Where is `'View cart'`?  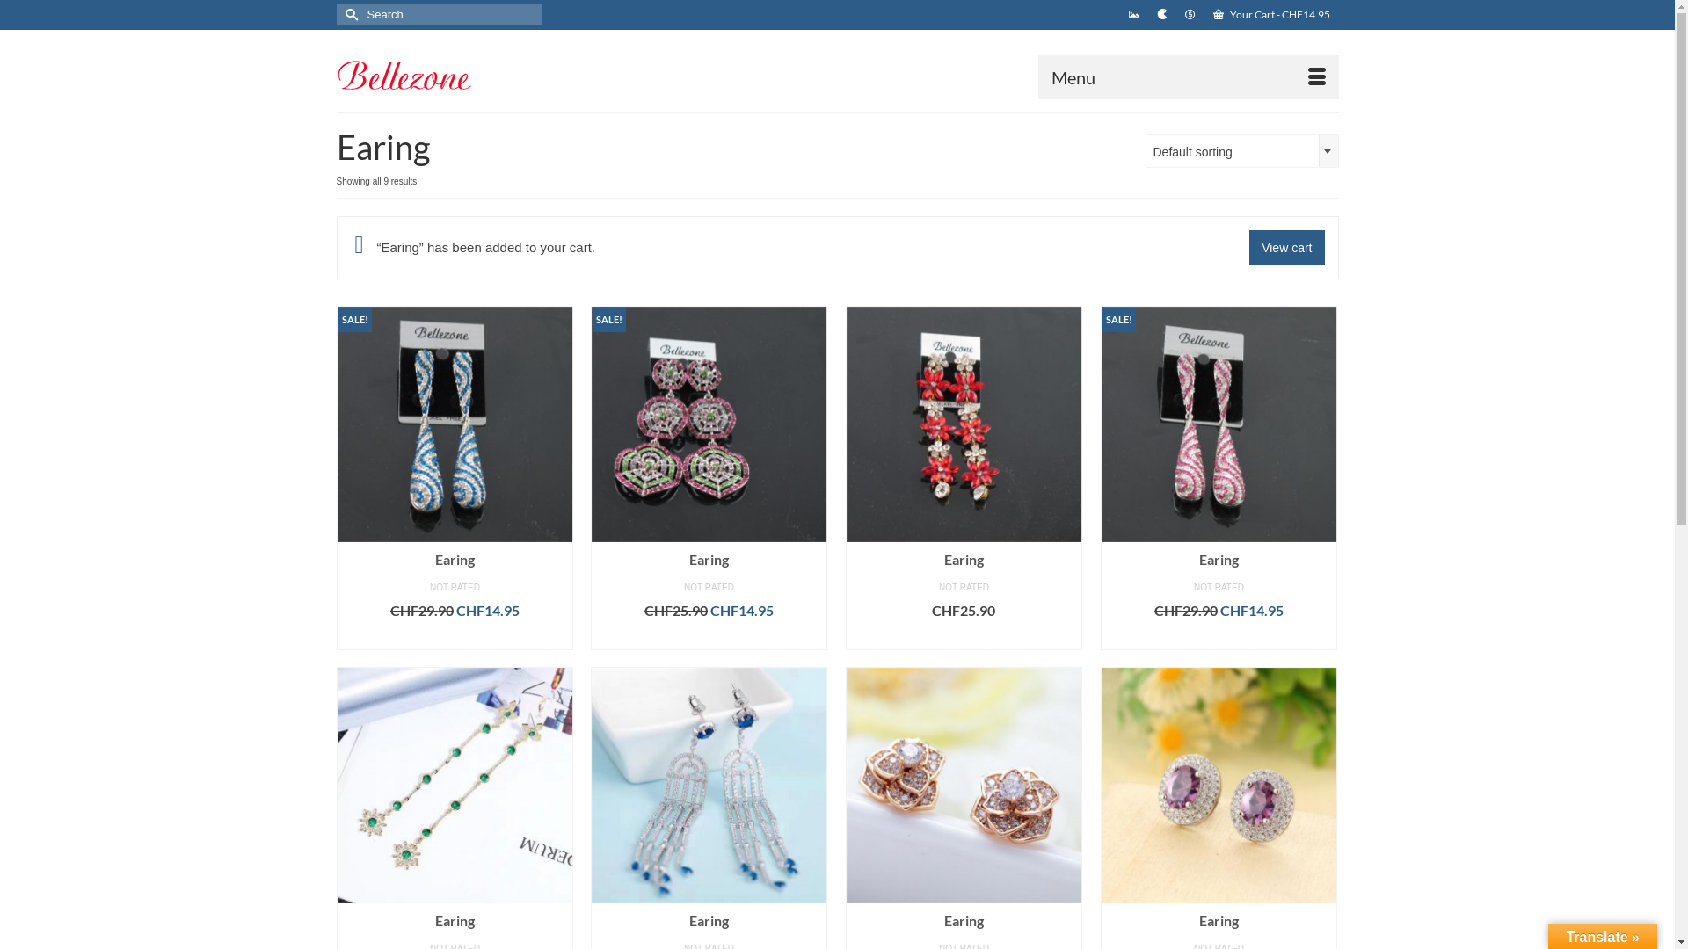
'View cart' is located at coordinates (1248, 247).